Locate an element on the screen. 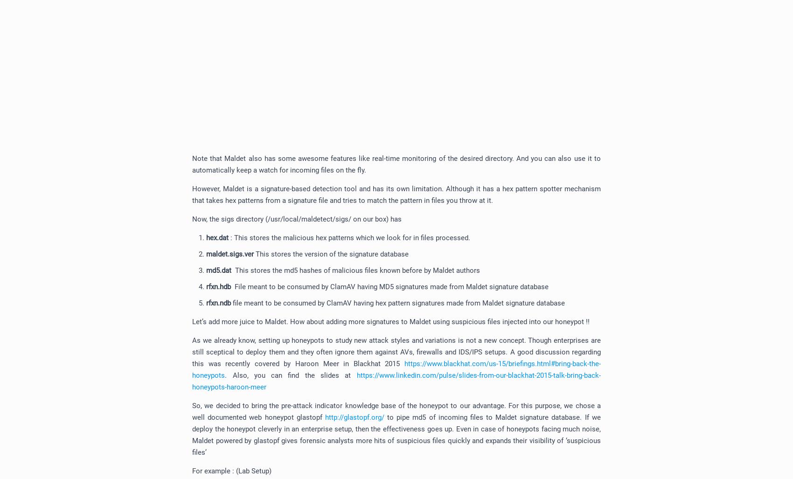 This screenshot has height=479, width=793. 'Let’s add more juice to Maldet. How about adding more signatures to Maldet using suspicious files injected into our honeypot !!' is located at coordinates (390, 322).